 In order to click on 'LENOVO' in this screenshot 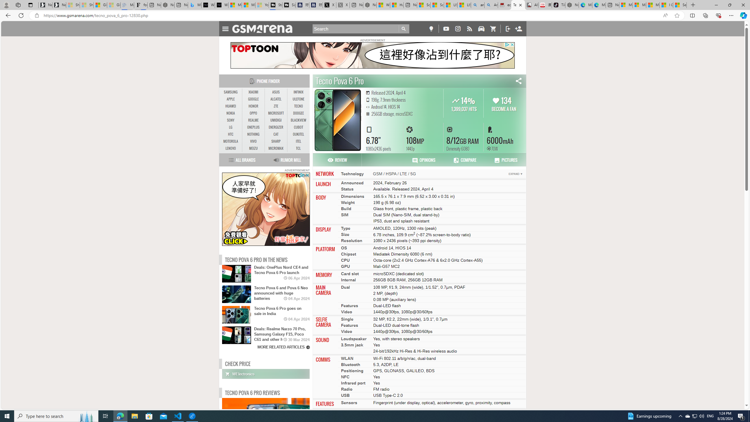, I will do `click(231, 148)`.